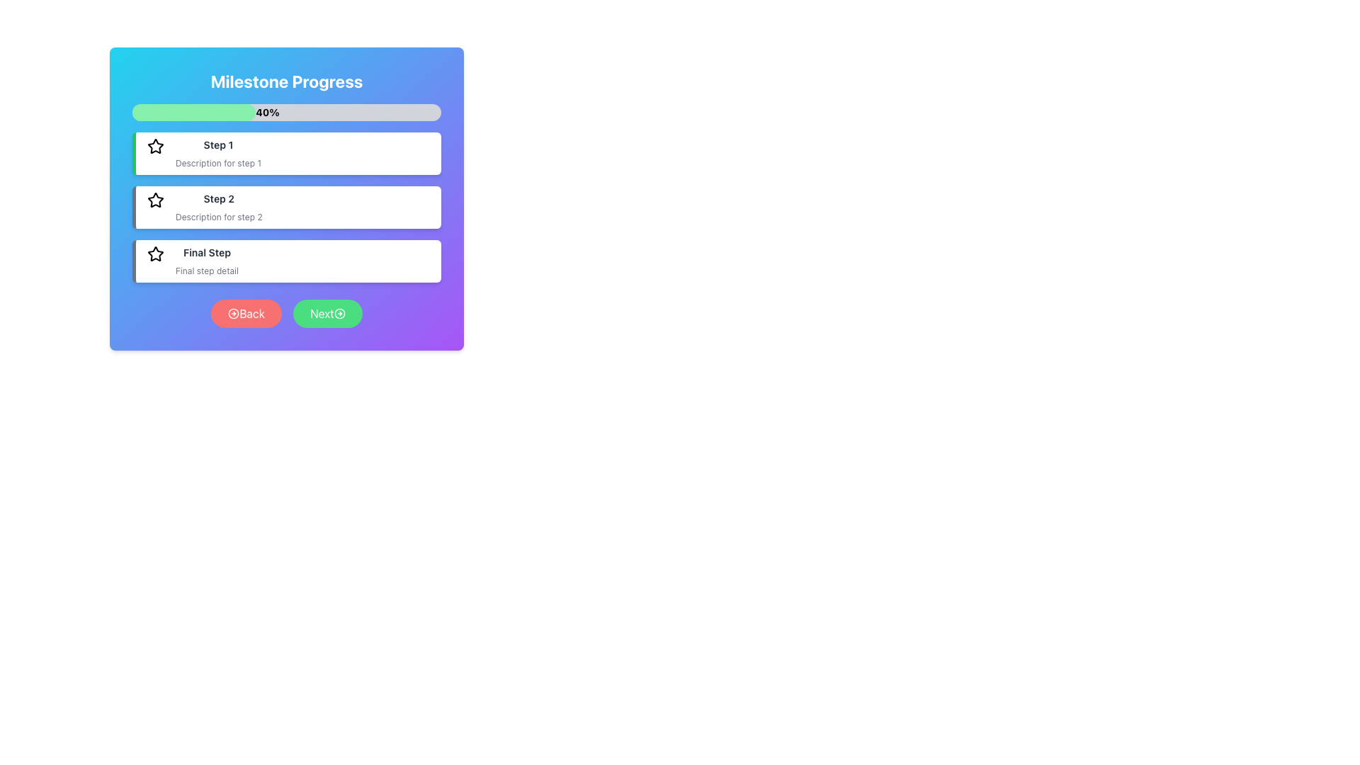  Describe the element at coordinates (206, 252) in the screenshot. I see `the text label displaying 'Final Step', which is styled with a smaller bold font in dark gray color, located above the 'Back' and 'Next' buttons in the milestone progress interface` at that location.